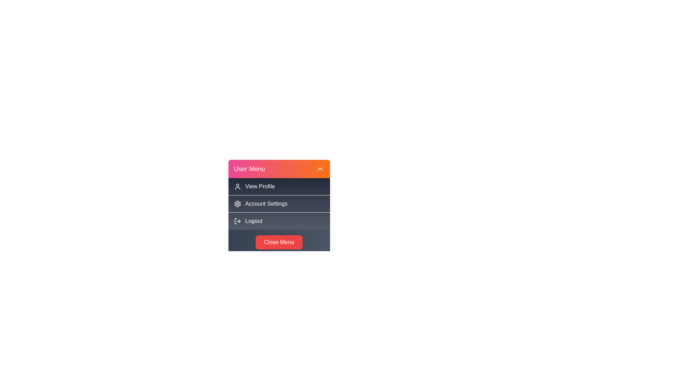 Image resolution: width=677 pixels, height=381 pixels. Describe the element at coordinates (279, 220) in the screenshot. I see `the 'Logout' option in the menu` at that location.